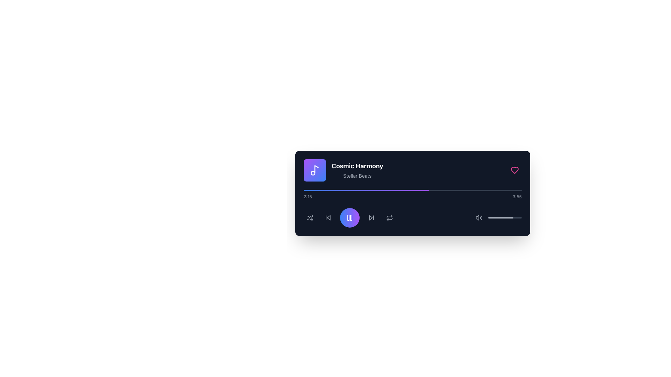 The image size is (671, 377). What do you see at coordinates (357, 176) in the screenshot?
I see `the text label that displays 'Stellar Beats', which is styled in a small, light gray font and located underneath the 'Cosmic Harmony' label in the media control interface` at bounding box center [357, 176].